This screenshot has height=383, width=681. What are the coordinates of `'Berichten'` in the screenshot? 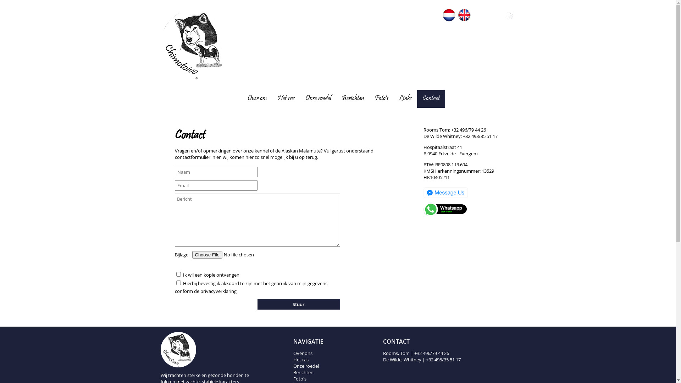 It's located at (293, 372).